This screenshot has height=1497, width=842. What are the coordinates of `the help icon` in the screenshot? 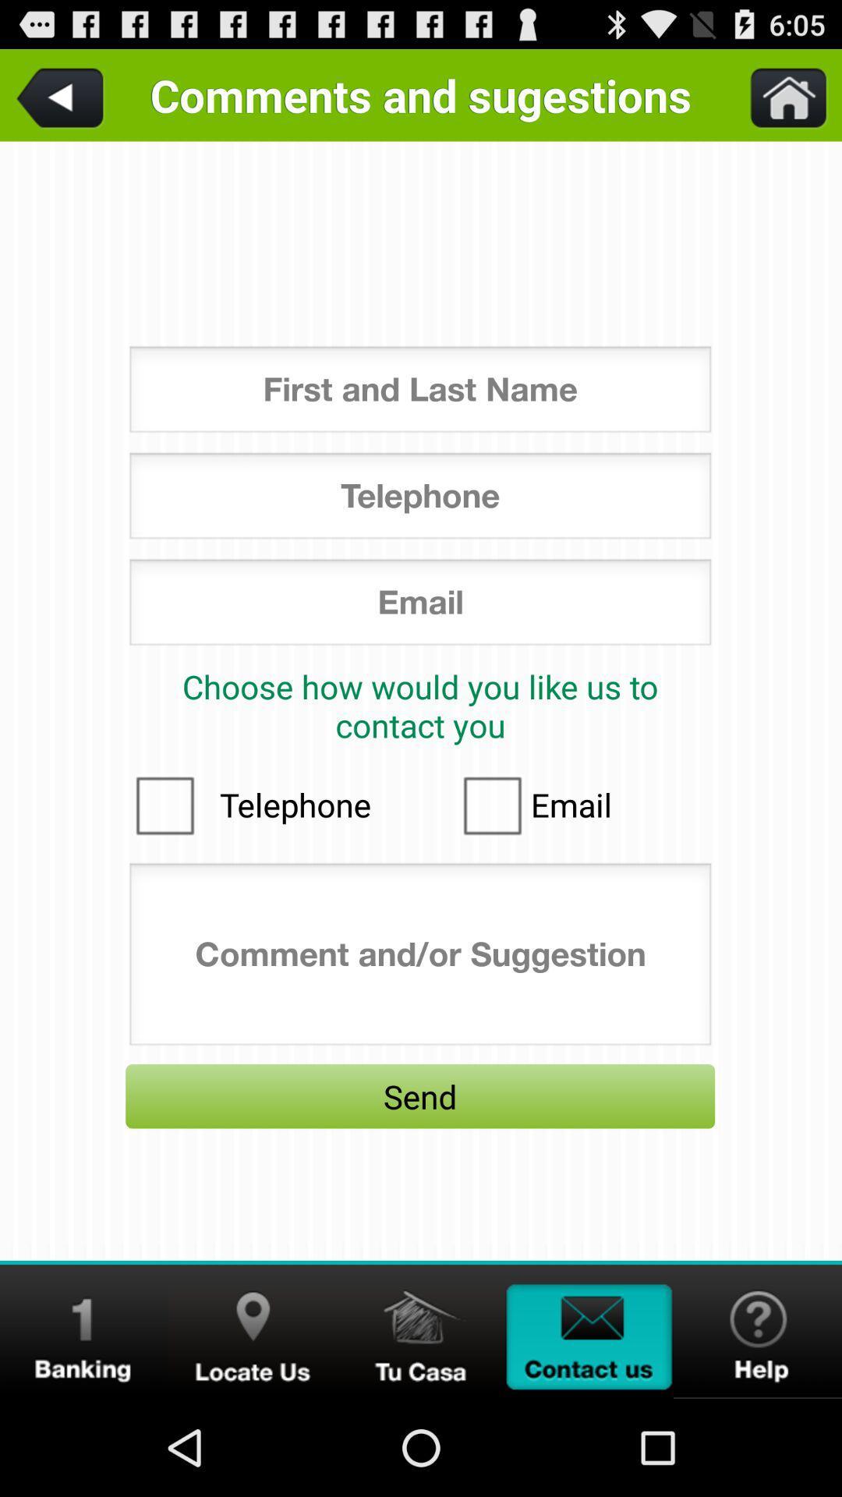 It's located at (757, 1425).